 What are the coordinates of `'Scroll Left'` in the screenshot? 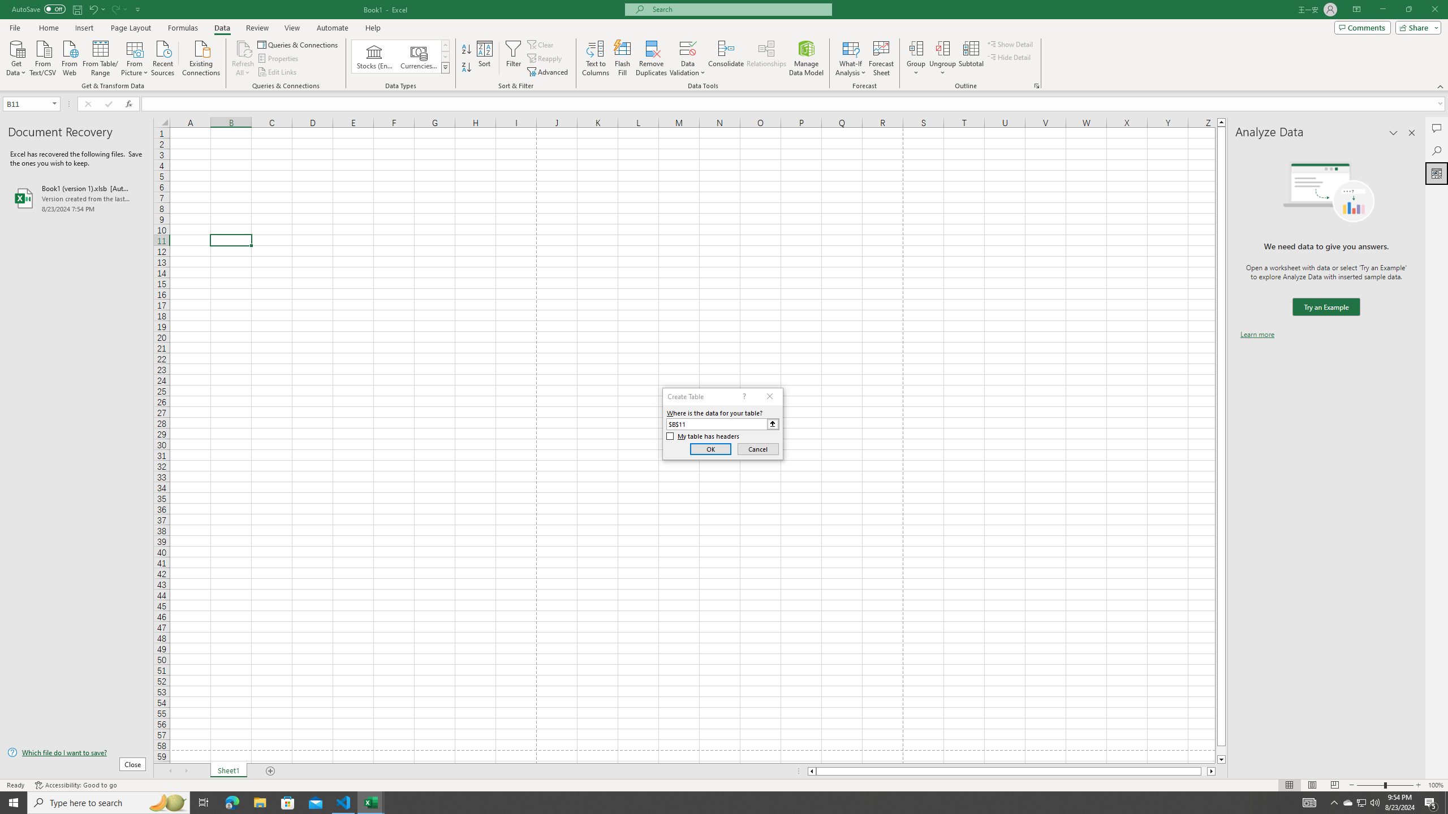 It's located at (169, 770).